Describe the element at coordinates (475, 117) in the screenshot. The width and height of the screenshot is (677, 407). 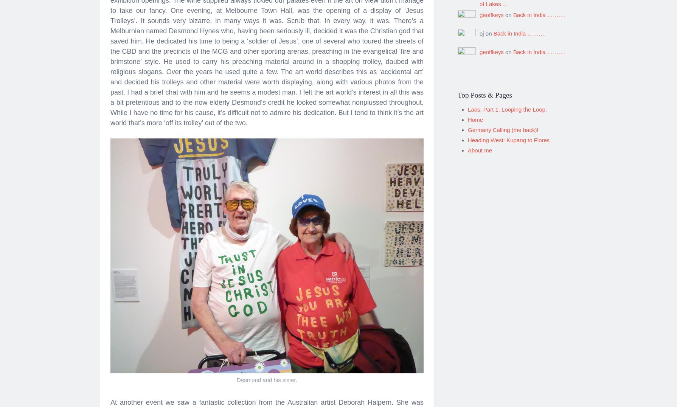
I see `'Home'` at that location.